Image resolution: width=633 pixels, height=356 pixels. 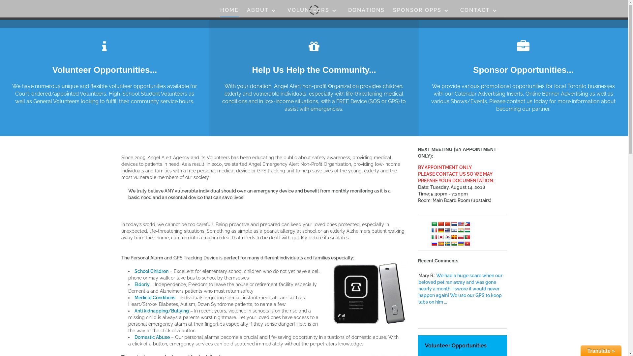 I want to click on 'Filipino', so click(x=467, y=223).